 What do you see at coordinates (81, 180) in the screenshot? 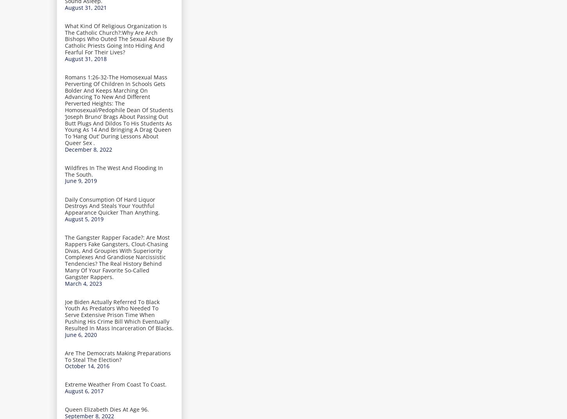
I see `'June 9, 2019'` at bounding box center [81, 180].